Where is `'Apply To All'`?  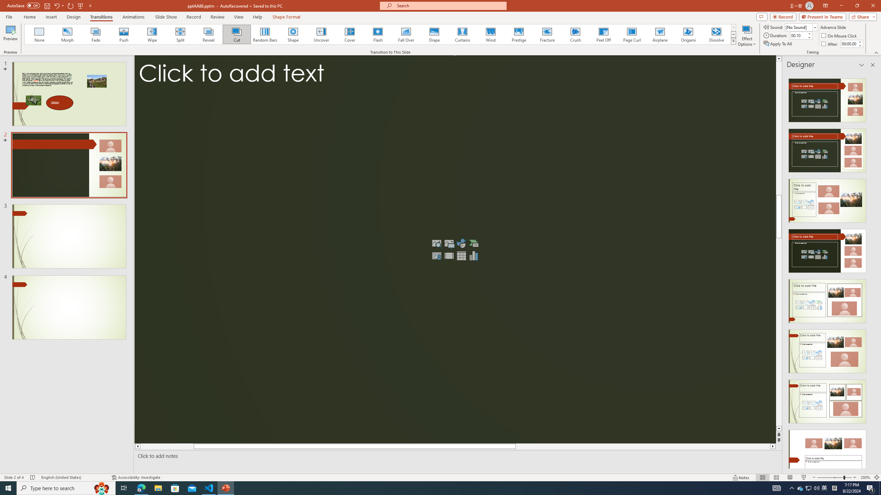 'Apply To All' is located at coordinates (778, 44).